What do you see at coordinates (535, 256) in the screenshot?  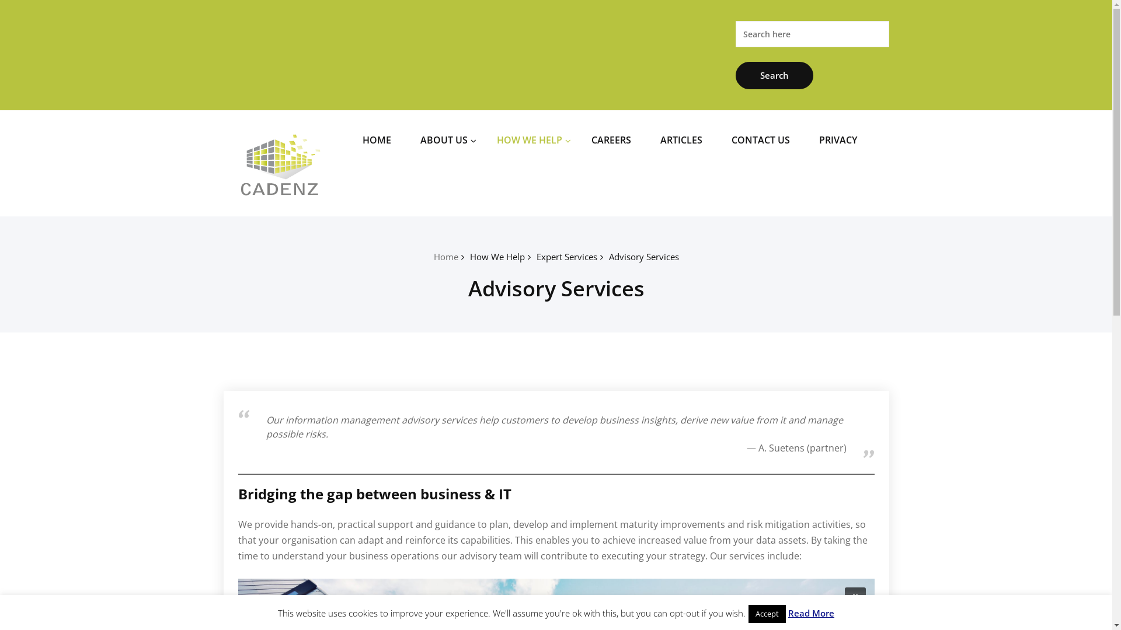 I see `'Expert Services'` at bounding box center [535, 256].